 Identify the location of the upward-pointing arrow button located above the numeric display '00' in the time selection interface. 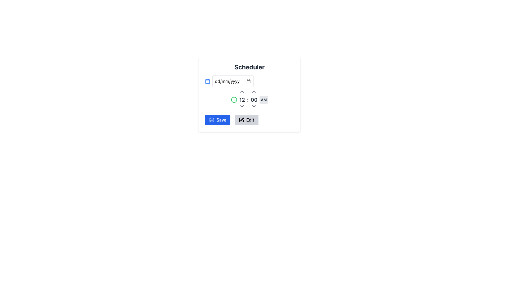
(254, 92).